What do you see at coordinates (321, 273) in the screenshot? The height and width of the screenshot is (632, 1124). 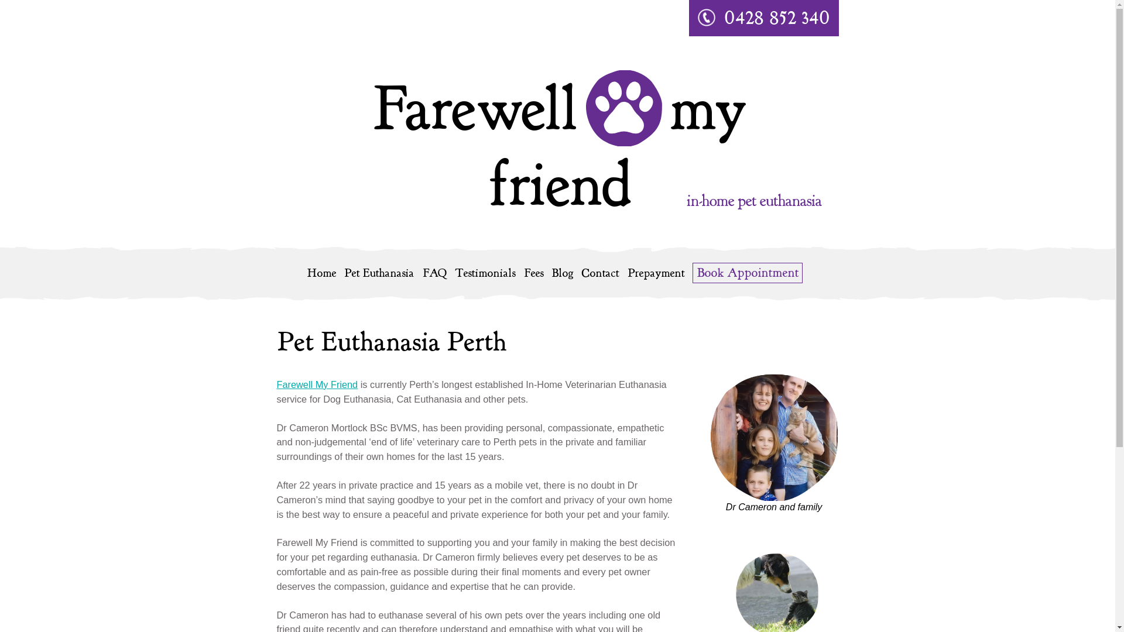 I see `'Home'` at bounding box center [321, 273].